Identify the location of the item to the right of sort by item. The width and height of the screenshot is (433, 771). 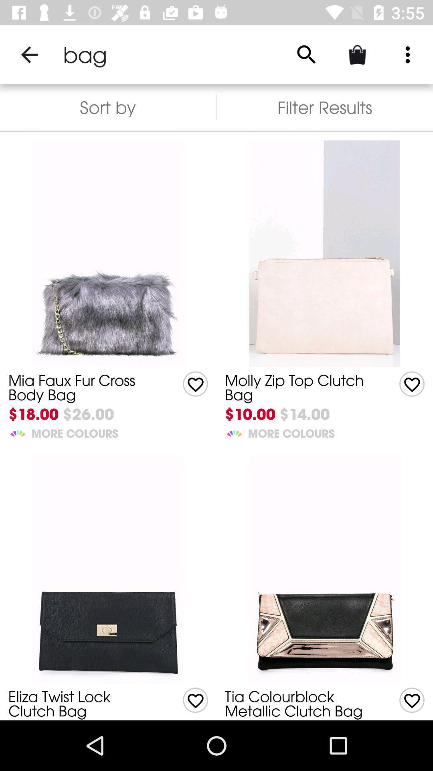
(306, 54).